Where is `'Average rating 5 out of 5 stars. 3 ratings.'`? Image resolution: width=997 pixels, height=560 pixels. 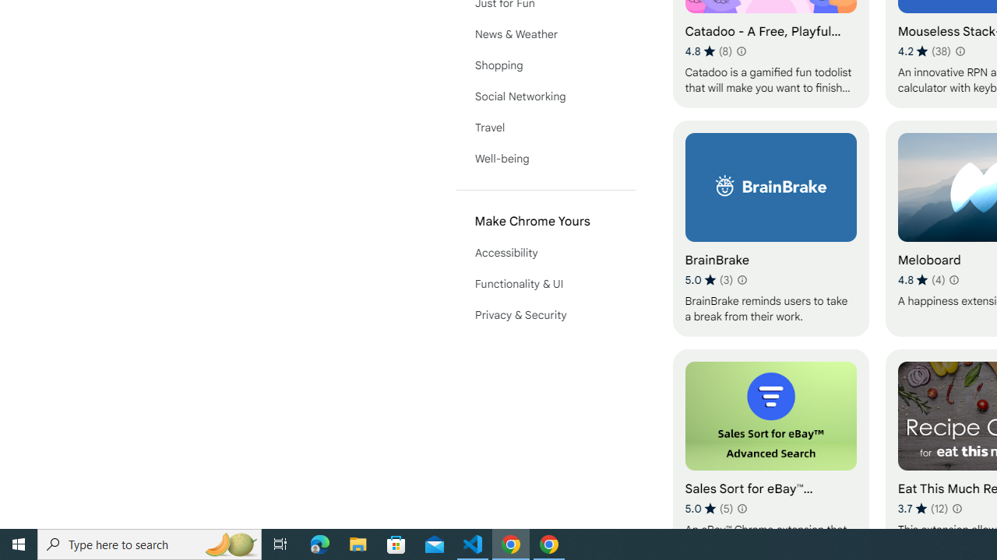 'Average rating 5 out of 5 stars. 3 ratings.' is located at coordinates (708, 280).